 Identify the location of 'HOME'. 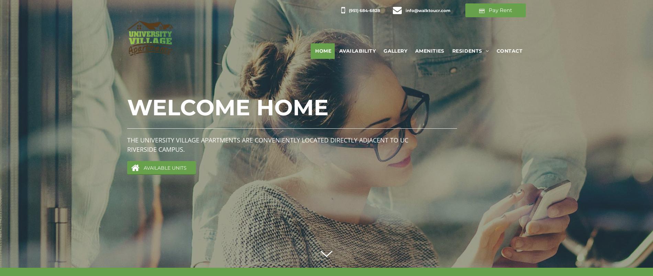
(323, 50).